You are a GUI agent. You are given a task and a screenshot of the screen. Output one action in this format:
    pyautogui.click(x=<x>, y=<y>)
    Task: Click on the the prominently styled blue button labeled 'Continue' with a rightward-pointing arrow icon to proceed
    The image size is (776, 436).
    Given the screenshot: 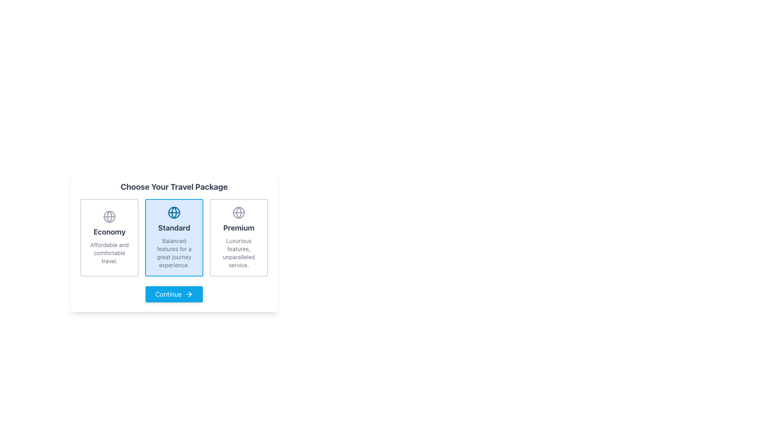 What is the action you would take?
    pyautogui.click(x=174, y=294)
    